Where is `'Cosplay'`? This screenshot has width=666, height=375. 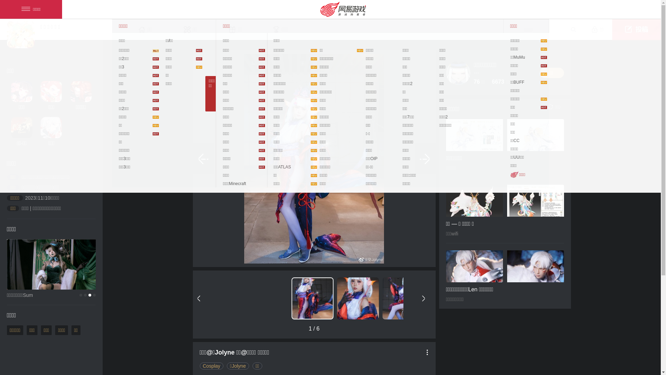
'Cosplay' is located at coordinates (211, 365).